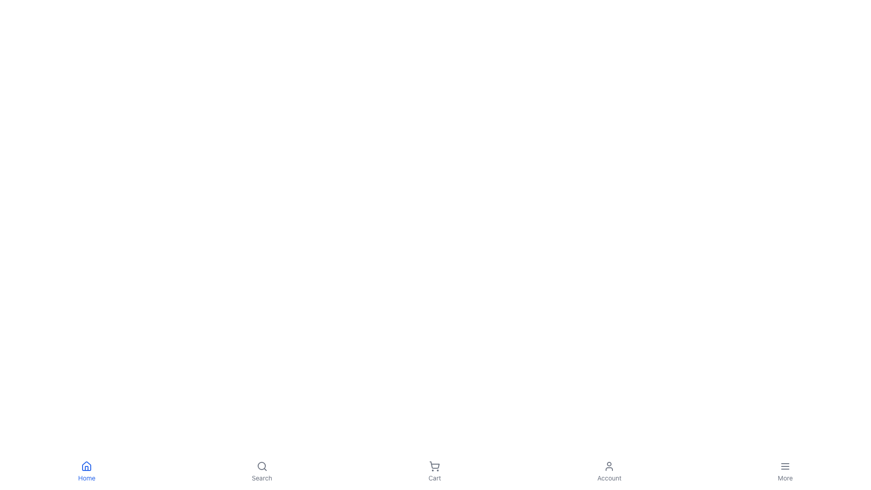 The height and width of the screenshot is (490, 871). What do you see at coordinates (785, 466) in the screenshot?
I see `the menu icon represented by three parallel horizontal lines located in the bottom navigation bar, above the 'More' label` at bounding box center [785, 466].